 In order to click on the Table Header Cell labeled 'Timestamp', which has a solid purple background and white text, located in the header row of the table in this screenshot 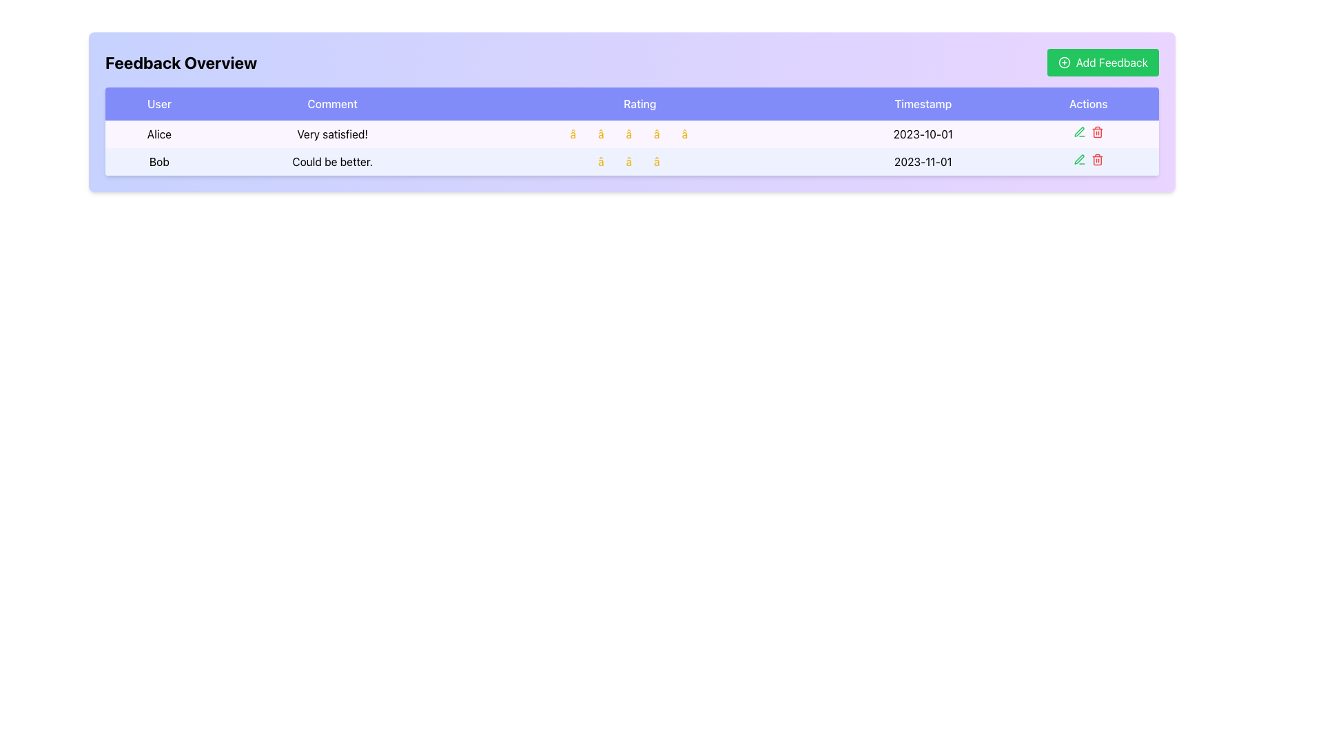, I will do `click(923, 103)`.